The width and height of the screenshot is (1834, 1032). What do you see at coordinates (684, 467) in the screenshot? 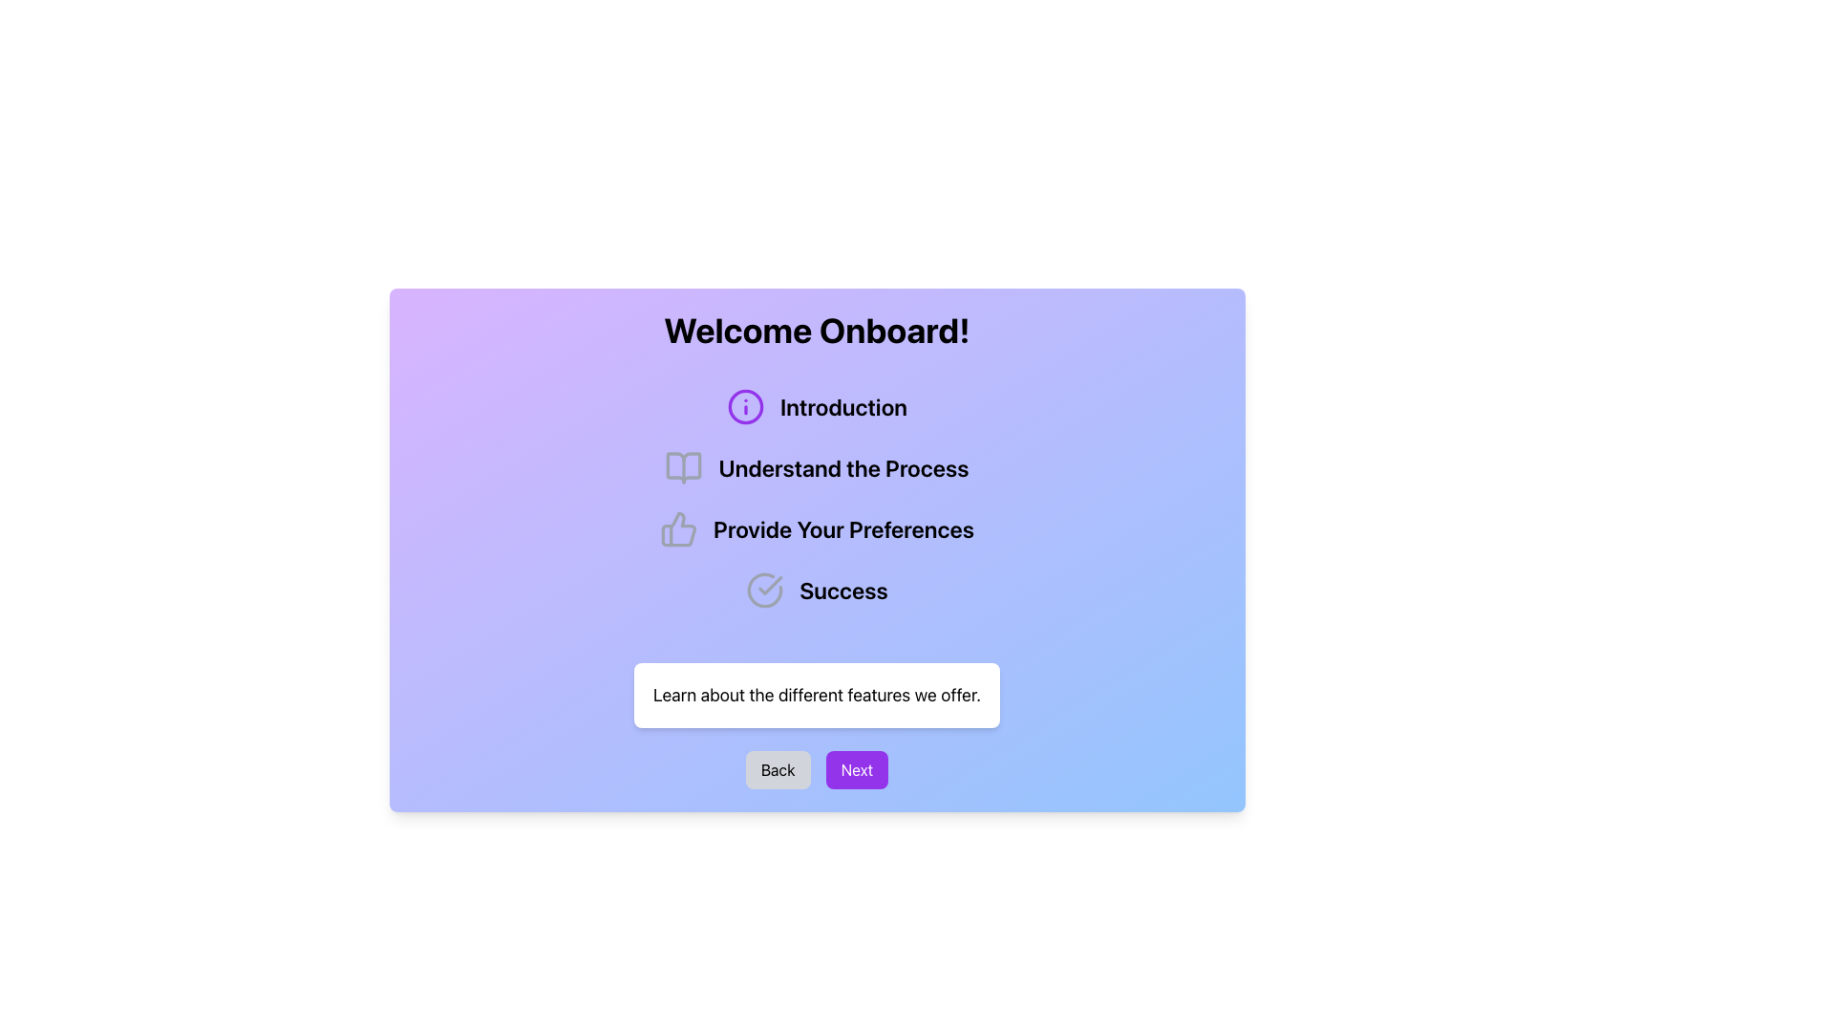
I see `the minimalistic gray icon resembling an open book, which is the second element in the onboarding flow's vertical layout` at bounding box center [684, 467].